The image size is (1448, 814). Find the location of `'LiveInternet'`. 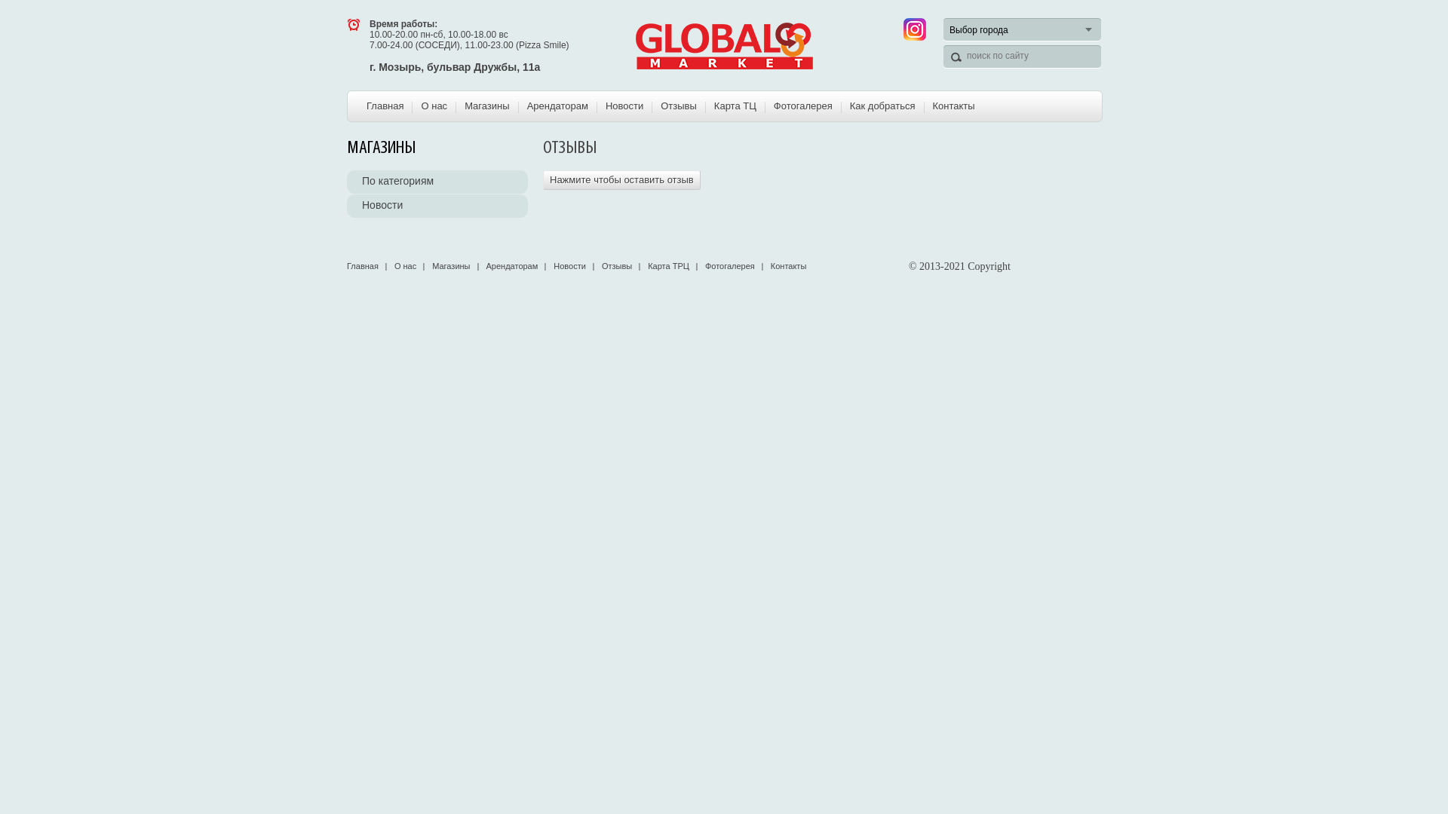

'LiveInternet' is located at coordinates (1089, 265).